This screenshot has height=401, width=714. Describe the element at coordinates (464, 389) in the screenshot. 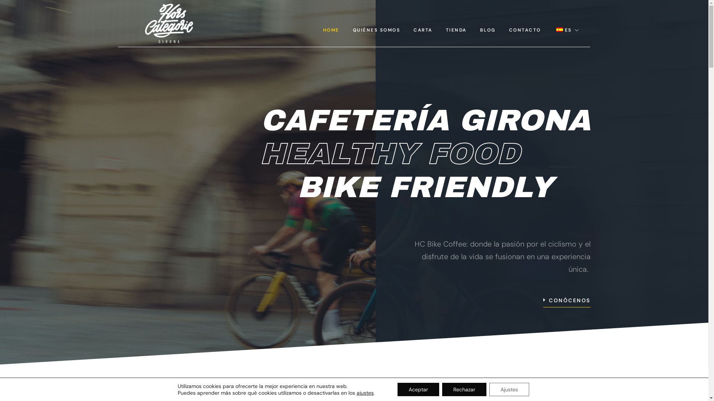

I see `'Rechazar'` at that location.